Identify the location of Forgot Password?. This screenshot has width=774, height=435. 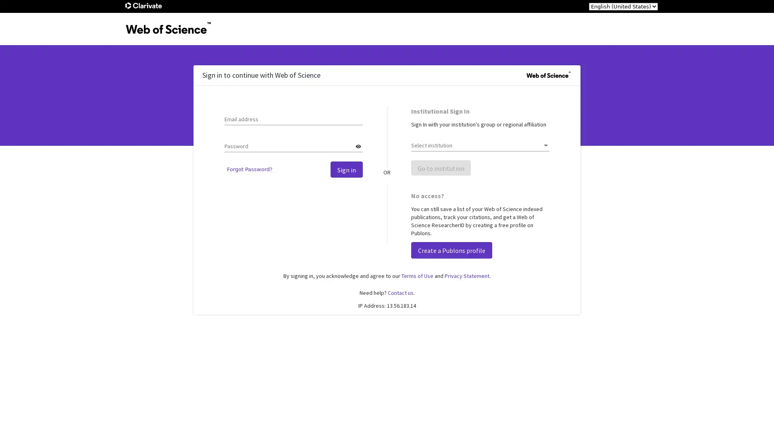
(249, 169).